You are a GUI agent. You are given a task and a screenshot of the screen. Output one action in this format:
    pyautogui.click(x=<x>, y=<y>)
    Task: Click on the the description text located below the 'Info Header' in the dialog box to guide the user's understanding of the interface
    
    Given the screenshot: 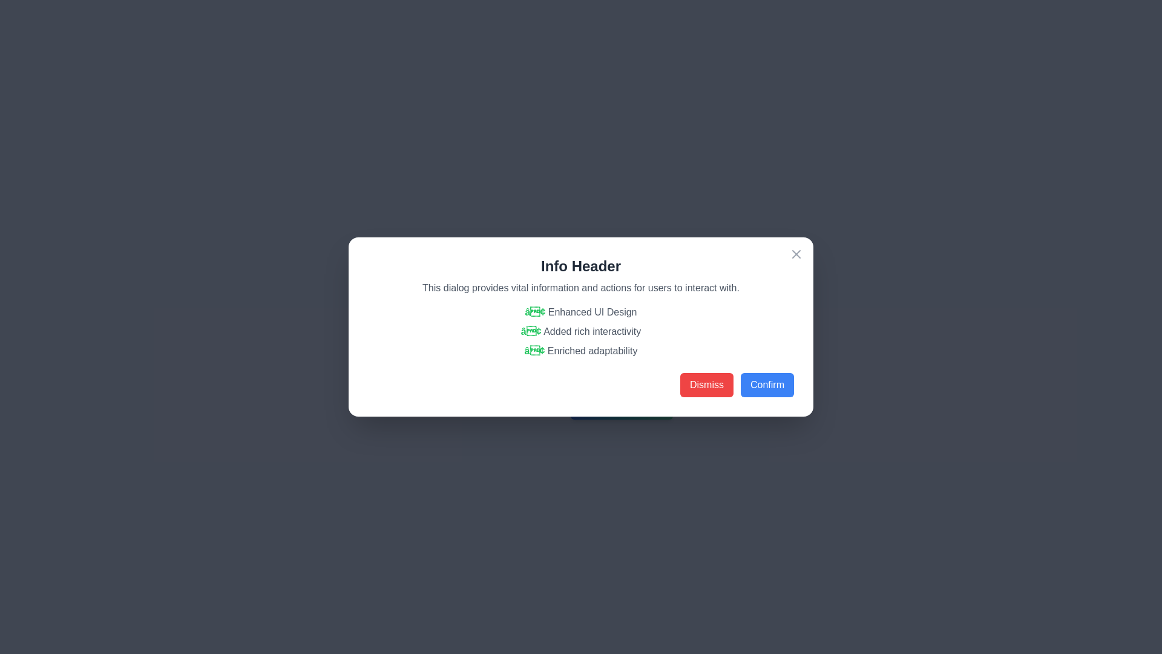 What is the action you would take?
    pyautogui.click(x=581, y=288)
    